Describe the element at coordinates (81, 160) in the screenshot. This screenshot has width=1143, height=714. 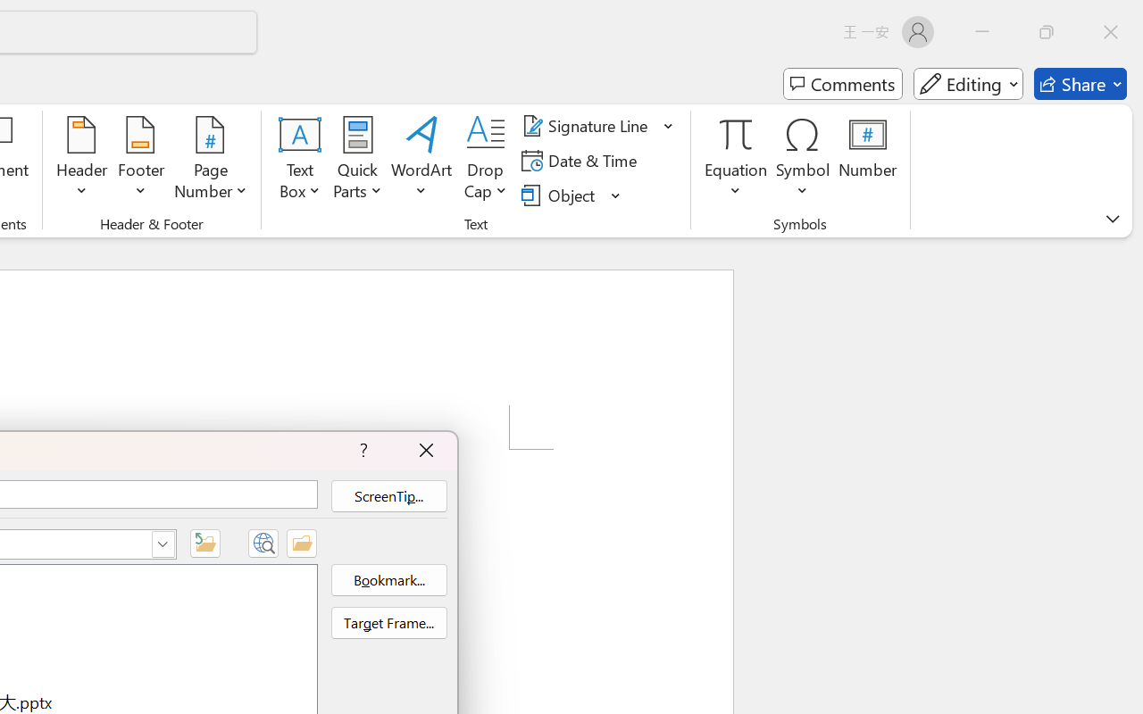
I see `'Header'` at that location.